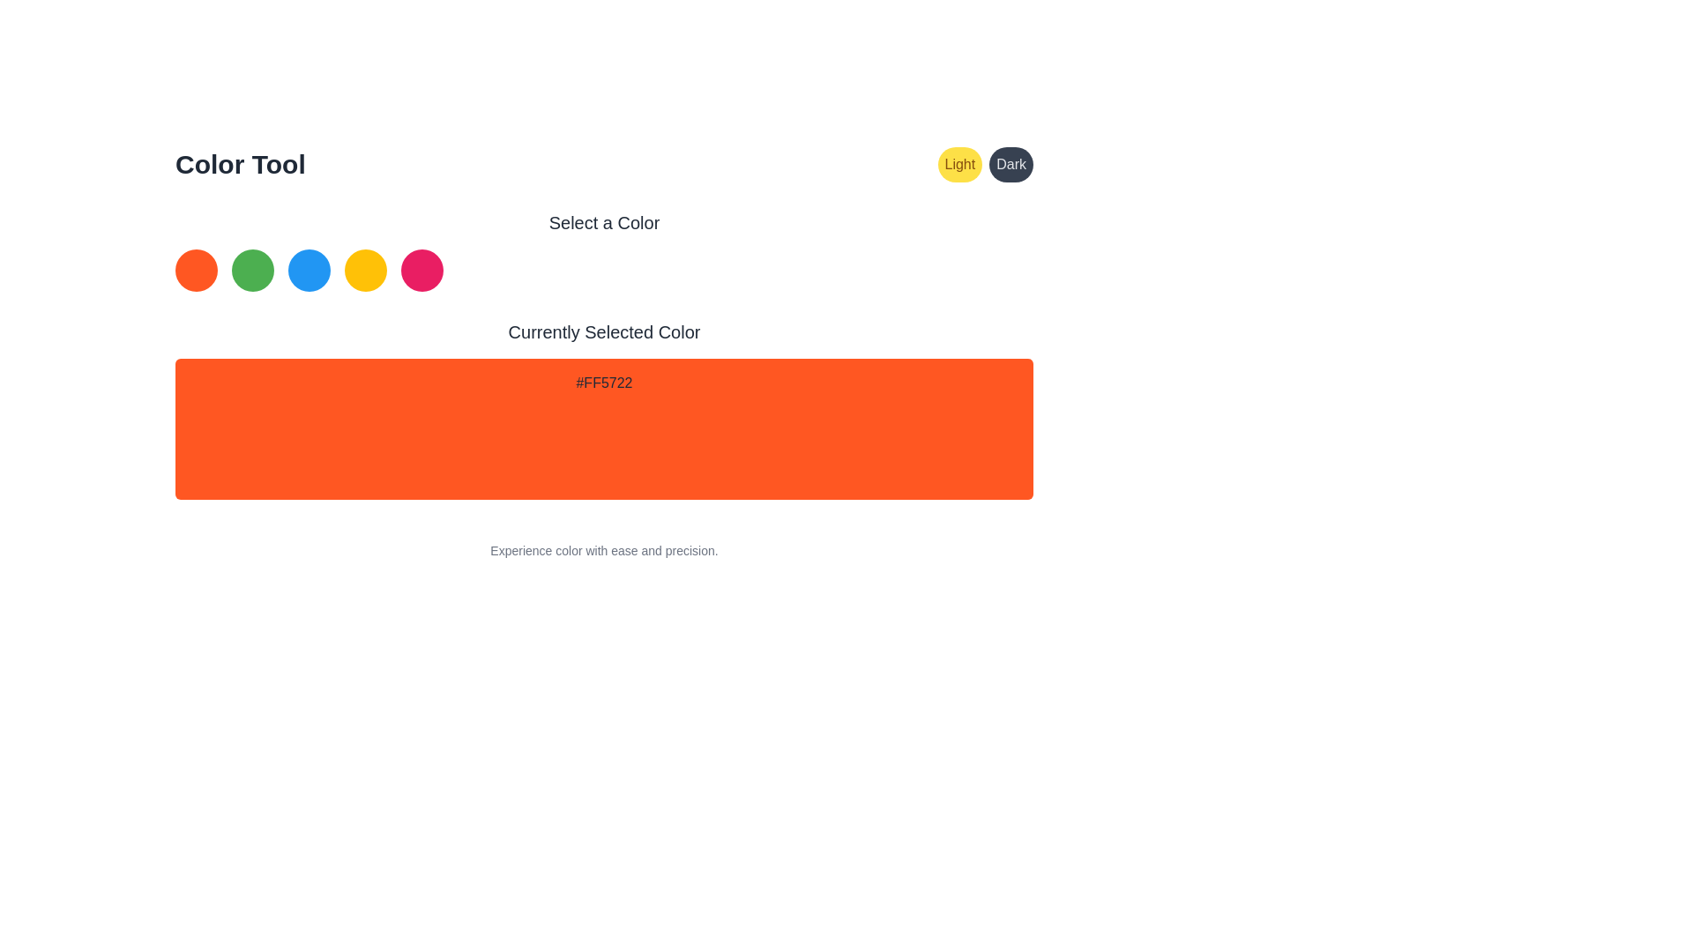  Describe the element at coordinates (196, 271) in the screenshot. I see `the first circular button in the row of color selection buttons` at that location.